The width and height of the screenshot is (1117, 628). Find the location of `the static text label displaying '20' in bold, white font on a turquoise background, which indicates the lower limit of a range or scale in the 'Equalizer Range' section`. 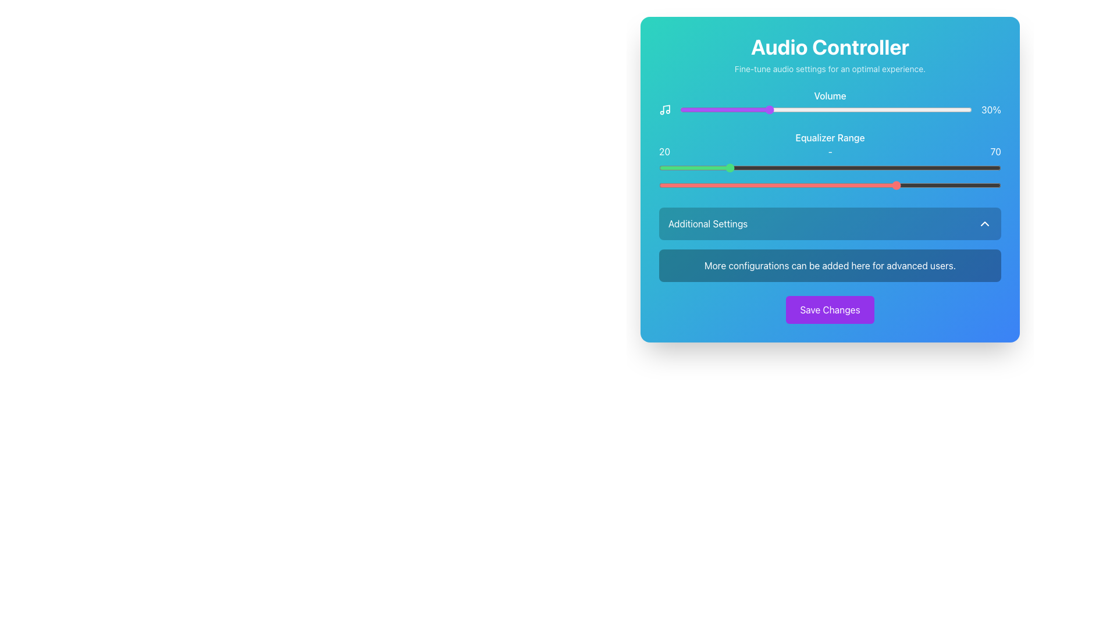

the static text label displaying '20' in bold, white font on a turquoise background, which indicates the lower limit of a range or scale in the 'Equalizer Range' section is located at coordinates (664, 151).